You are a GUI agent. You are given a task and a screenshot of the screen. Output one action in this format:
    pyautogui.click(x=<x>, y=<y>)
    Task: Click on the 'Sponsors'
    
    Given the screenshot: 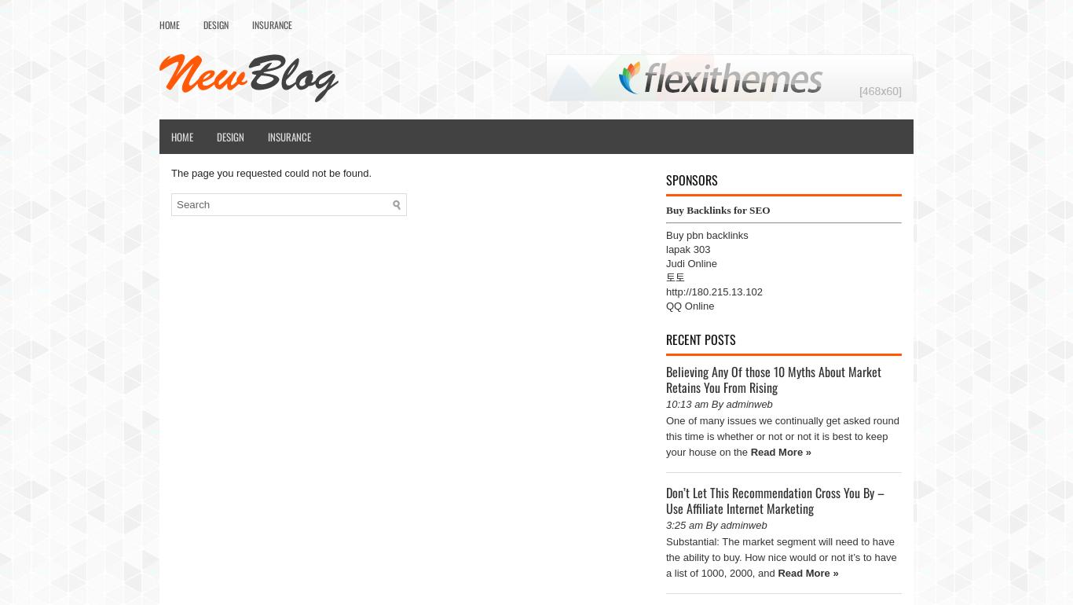 What is the action you would take?
    pyautogui.click(x=690, y=179)
    